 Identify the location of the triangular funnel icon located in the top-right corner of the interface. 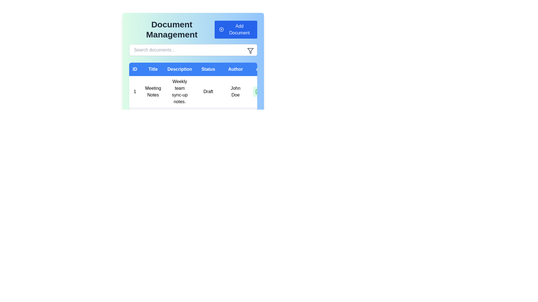
(250, 51).